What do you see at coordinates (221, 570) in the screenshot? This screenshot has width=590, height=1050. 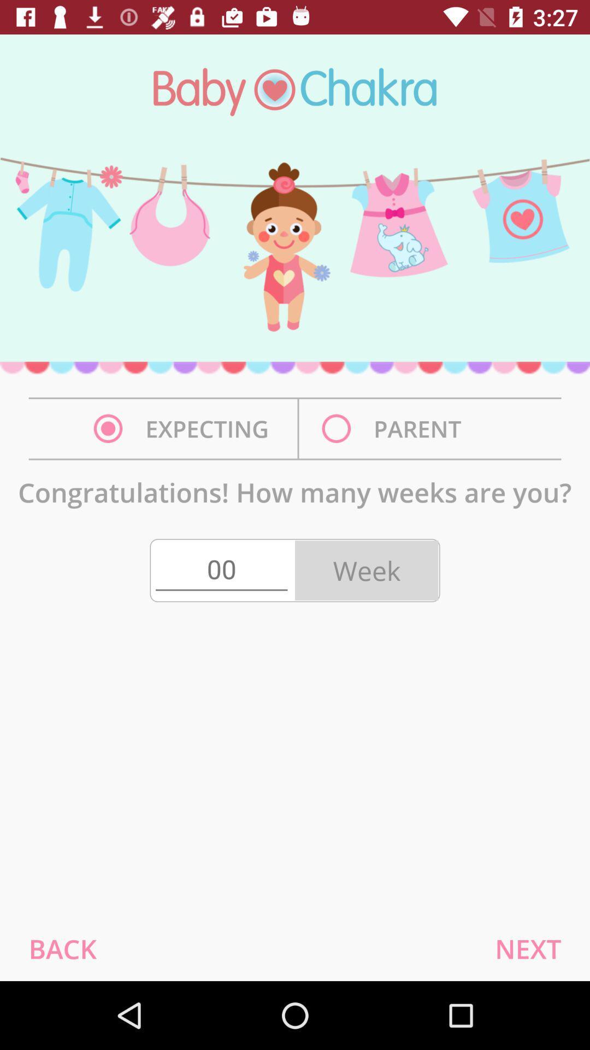 I see `item to the left of week icon` at bounding box center [221, 570].